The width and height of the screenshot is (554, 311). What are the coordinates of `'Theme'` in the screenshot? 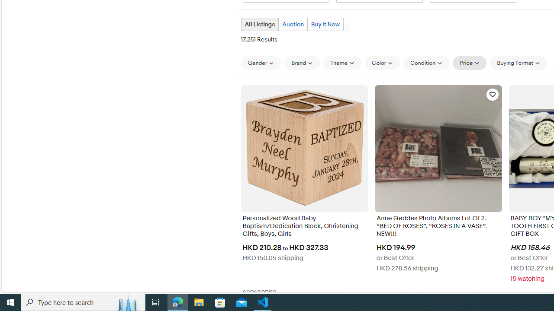 It's located at (342, 62).